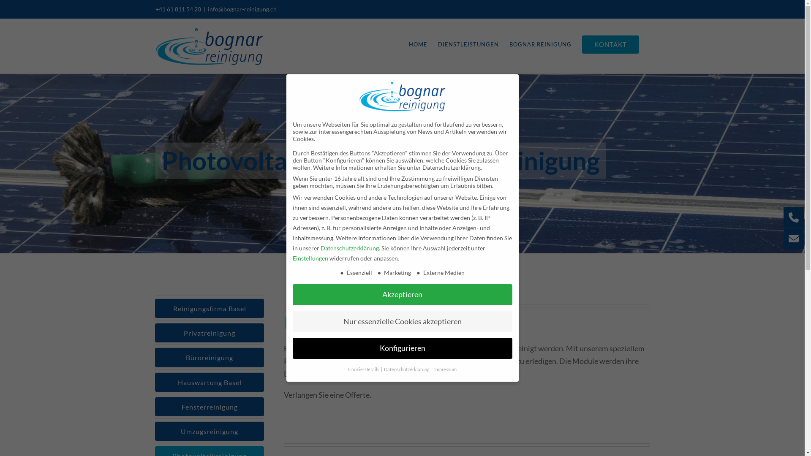  Describe the element at coordinates (401, 294) in the screenshot. I see `'Akzeptieren'` at that location.